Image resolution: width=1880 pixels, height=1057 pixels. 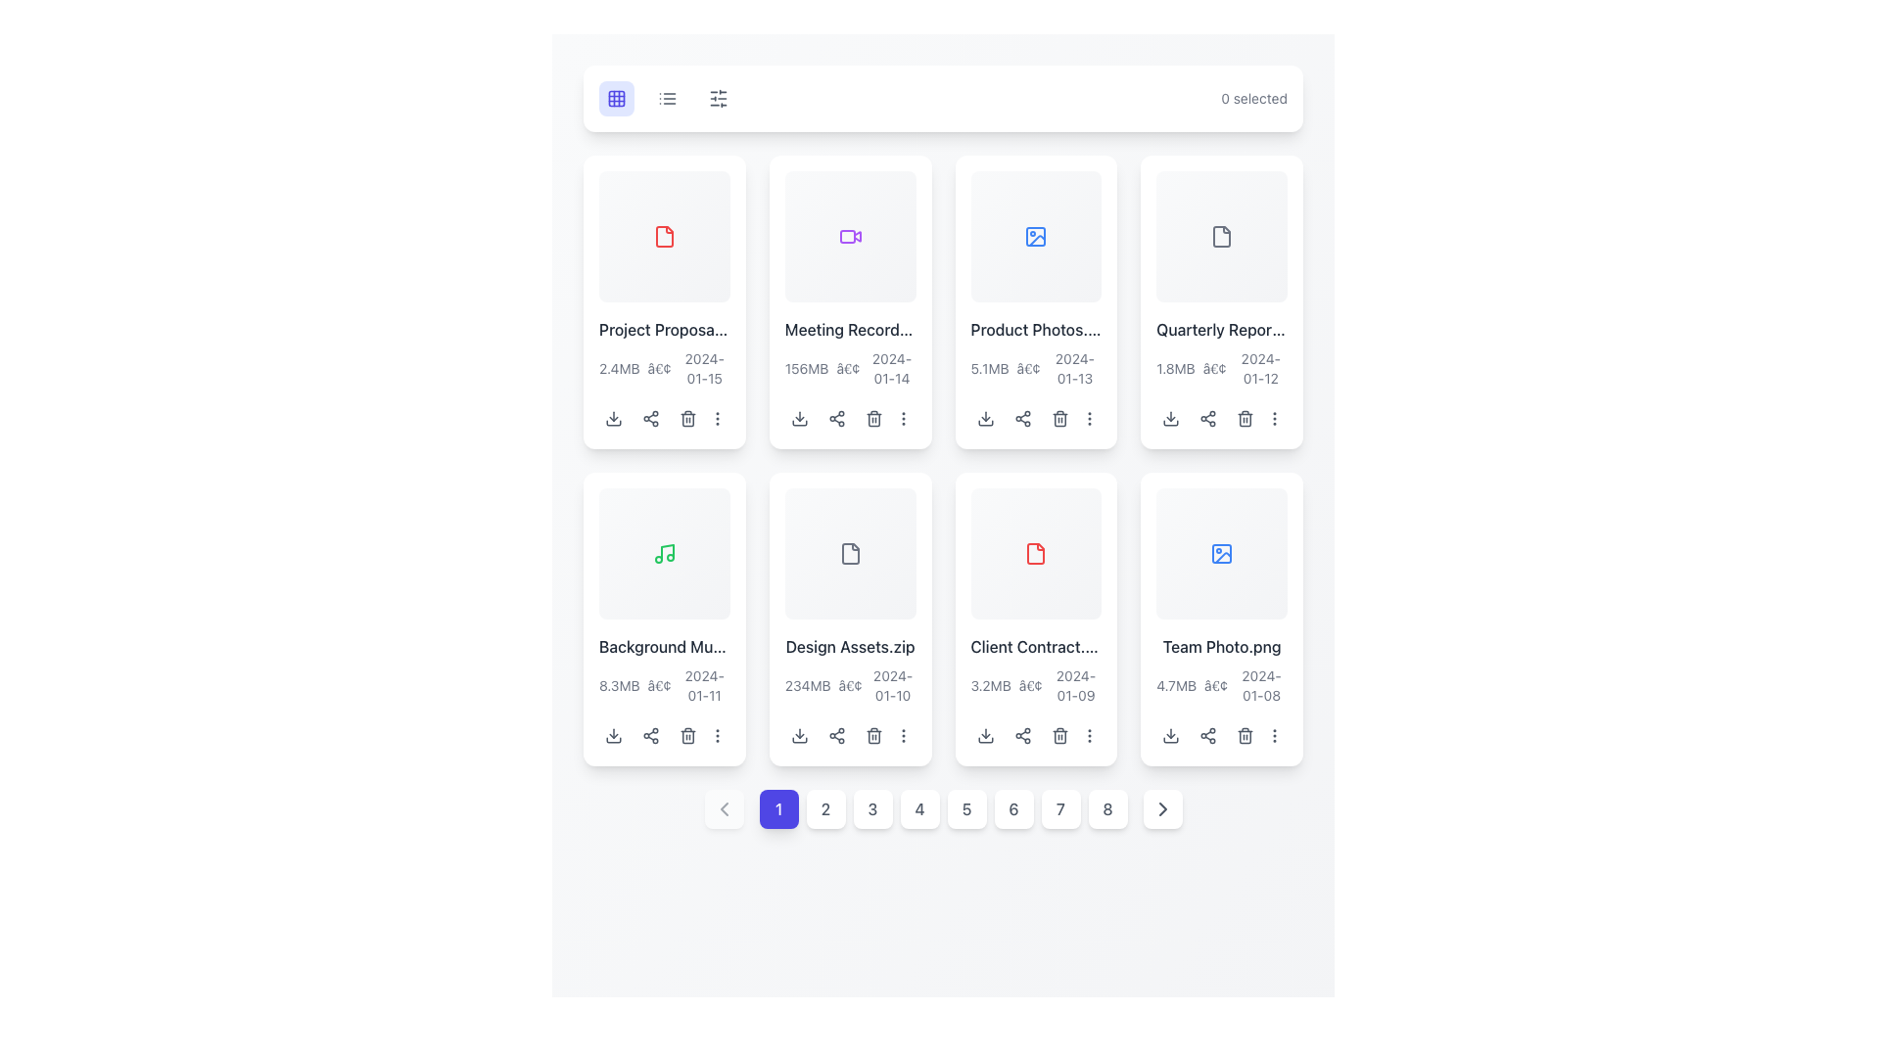 What do you see at coordinates (1221, 553) in the screenshot?
I see `the Image Placeholder that represents 'Team Photo.png' located in the fifth card of the grid, positioned in the second row and first column from the right` at bounding box center [1221, 553].